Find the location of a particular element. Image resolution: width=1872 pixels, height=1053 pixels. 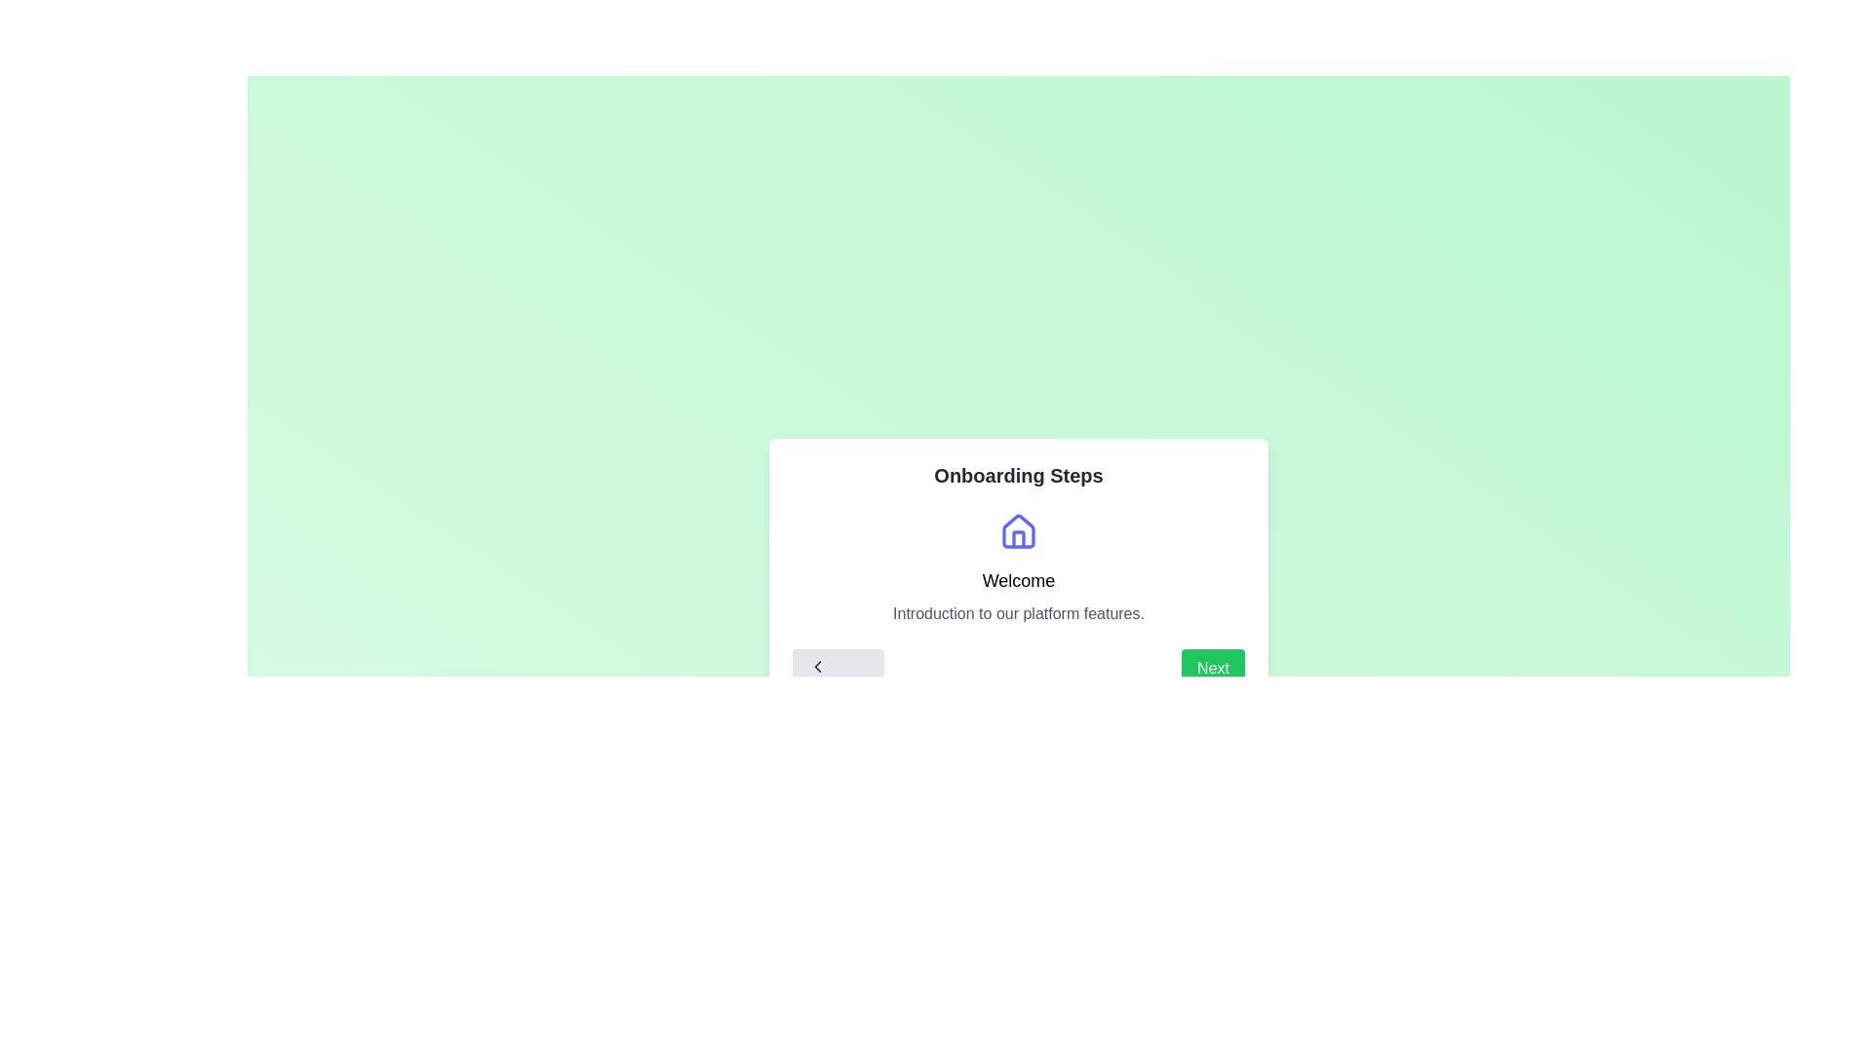

the house icon in the onboarding modal that visually supports the 'Welcome' message is located at coordinates (1018, 530).